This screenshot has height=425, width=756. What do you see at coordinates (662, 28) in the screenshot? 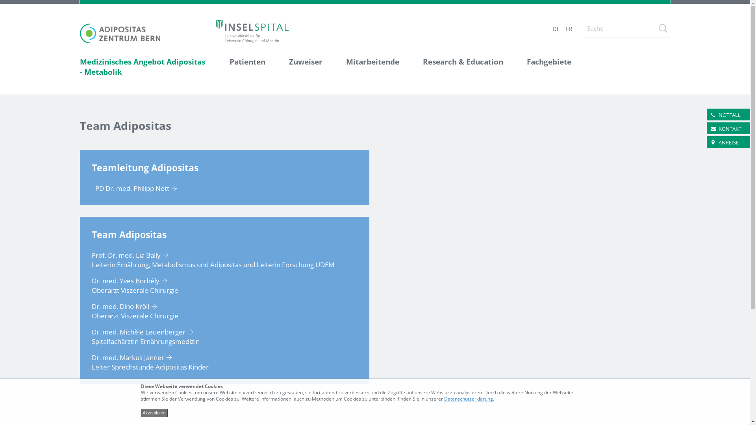
I see `'Suche'` at bounding box center [662, 28].